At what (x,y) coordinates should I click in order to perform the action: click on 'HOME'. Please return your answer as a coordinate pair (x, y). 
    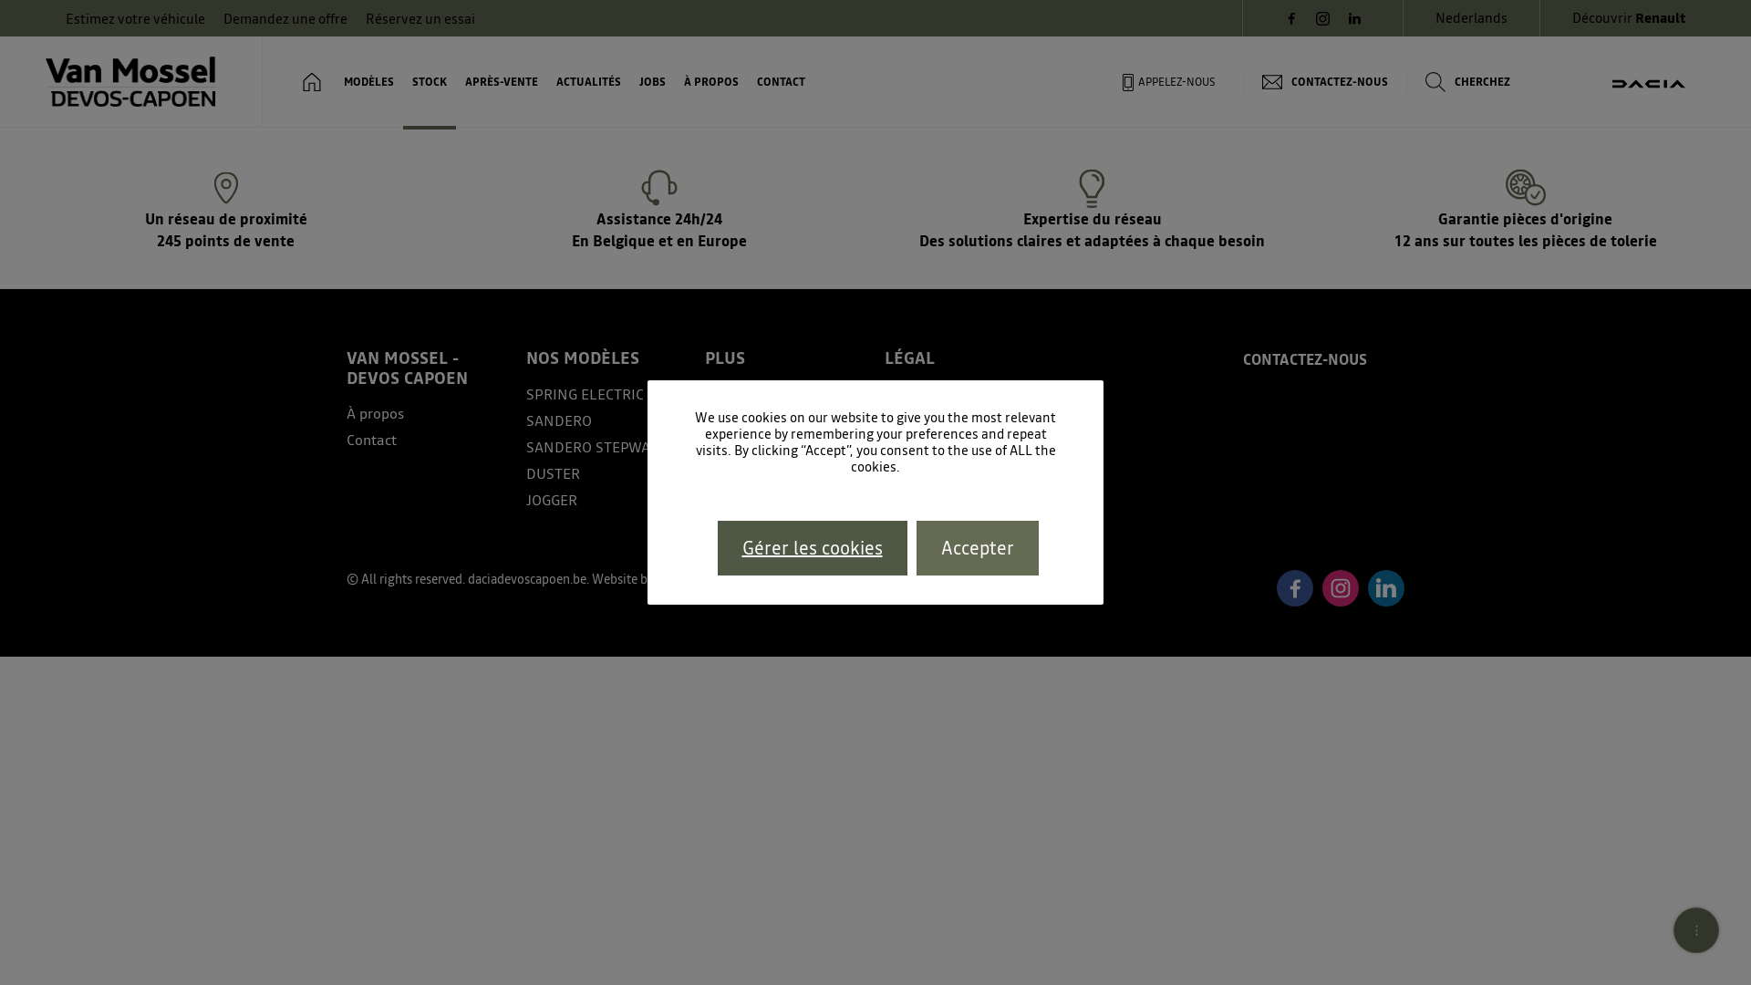
    Looking at the image, I should click on (311, 80).